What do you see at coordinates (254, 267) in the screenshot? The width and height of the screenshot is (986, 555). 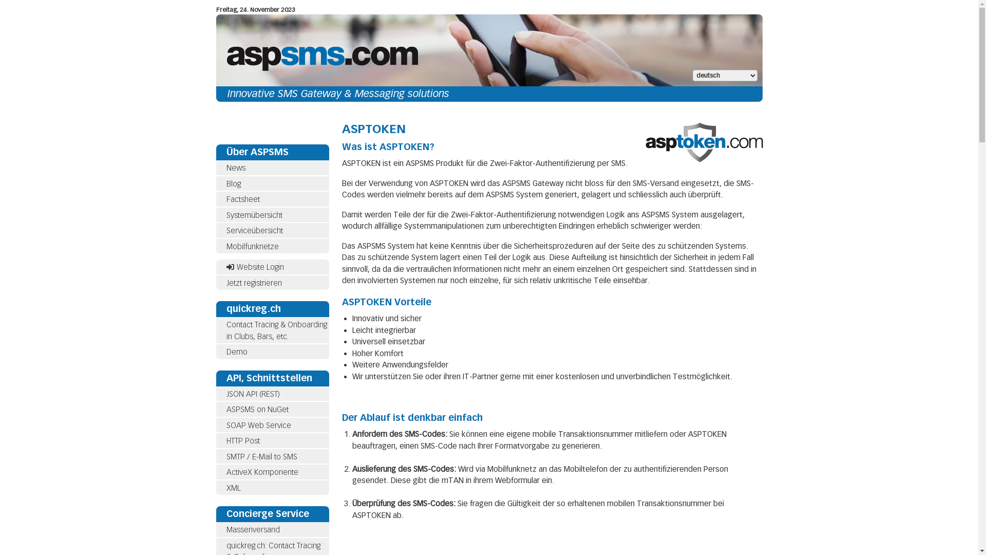 I see `'Website Login'` at bounding box center [254, 267].